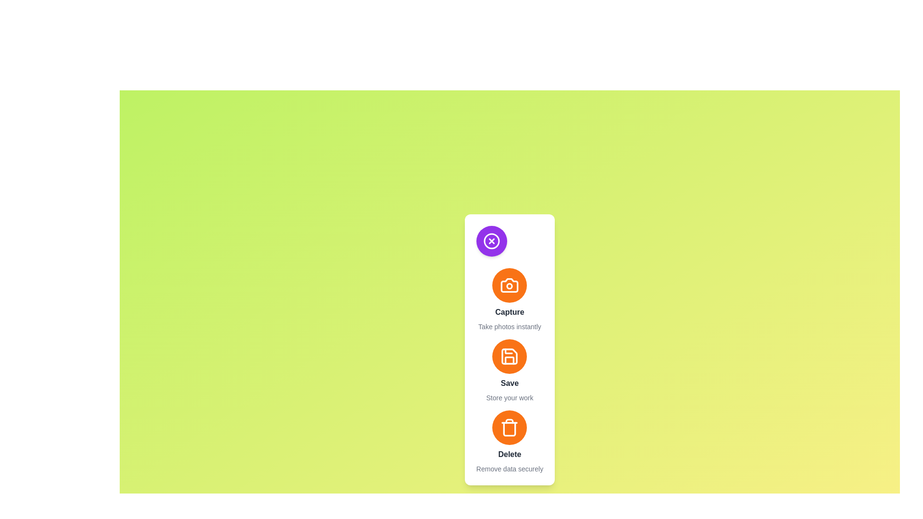 This screenshot has width=923, height=519. Describe the element at coordinates (509, 285) in the screenshot. I see `'Capture' button to initiate the capture action` at that location.